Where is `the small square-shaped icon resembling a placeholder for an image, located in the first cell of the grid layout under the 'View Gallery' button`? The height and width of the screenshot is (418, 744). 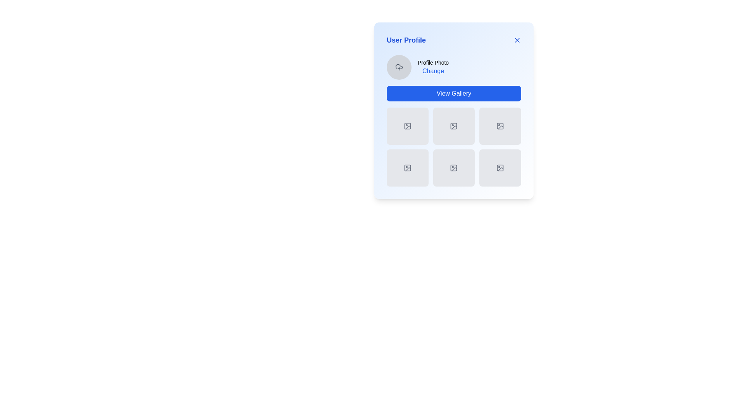 the small square-shaped icon resembling a placeholder for an image, located in the first cell of the grid layout under the 'View Gallery' button is located at coordinates (407, 126).